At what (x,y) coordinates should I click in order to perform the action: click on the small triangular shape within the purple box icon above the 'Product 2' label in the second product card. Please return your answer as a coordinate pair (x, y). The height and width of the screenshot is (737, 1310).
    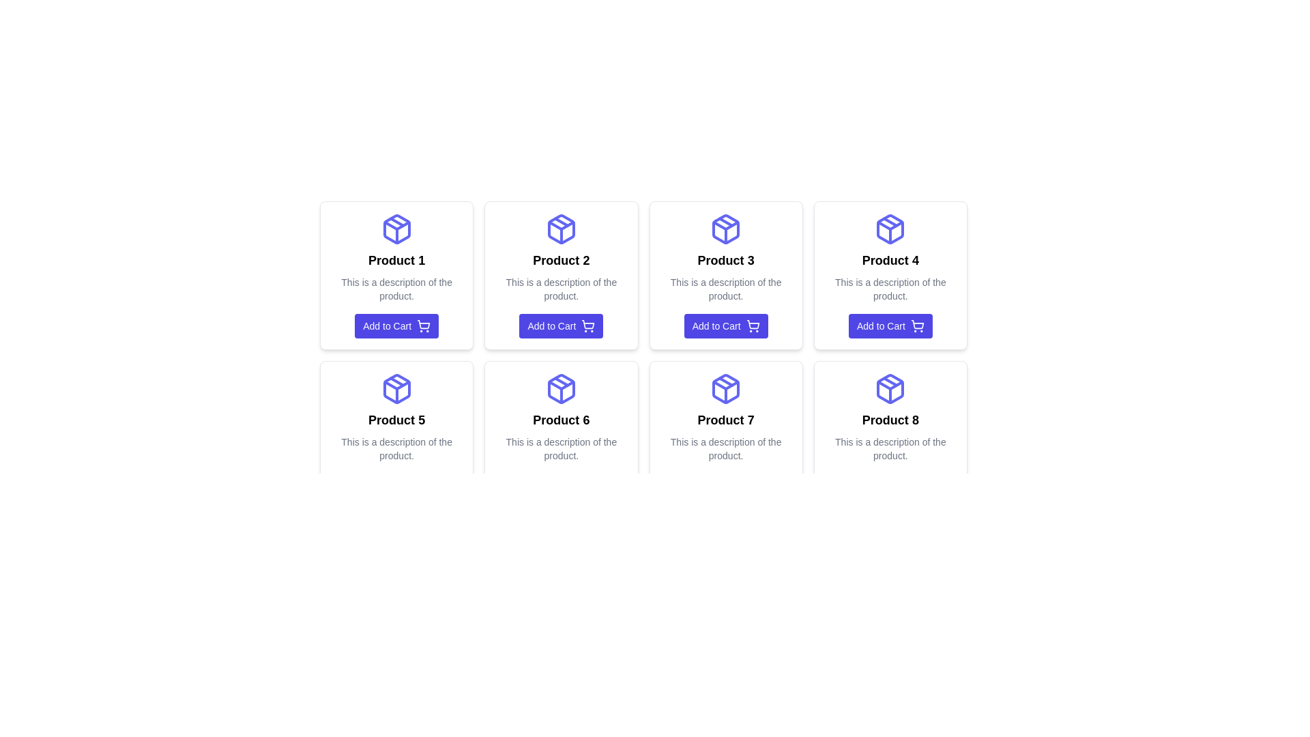
    Looking at the image, I should click on (561, 225).